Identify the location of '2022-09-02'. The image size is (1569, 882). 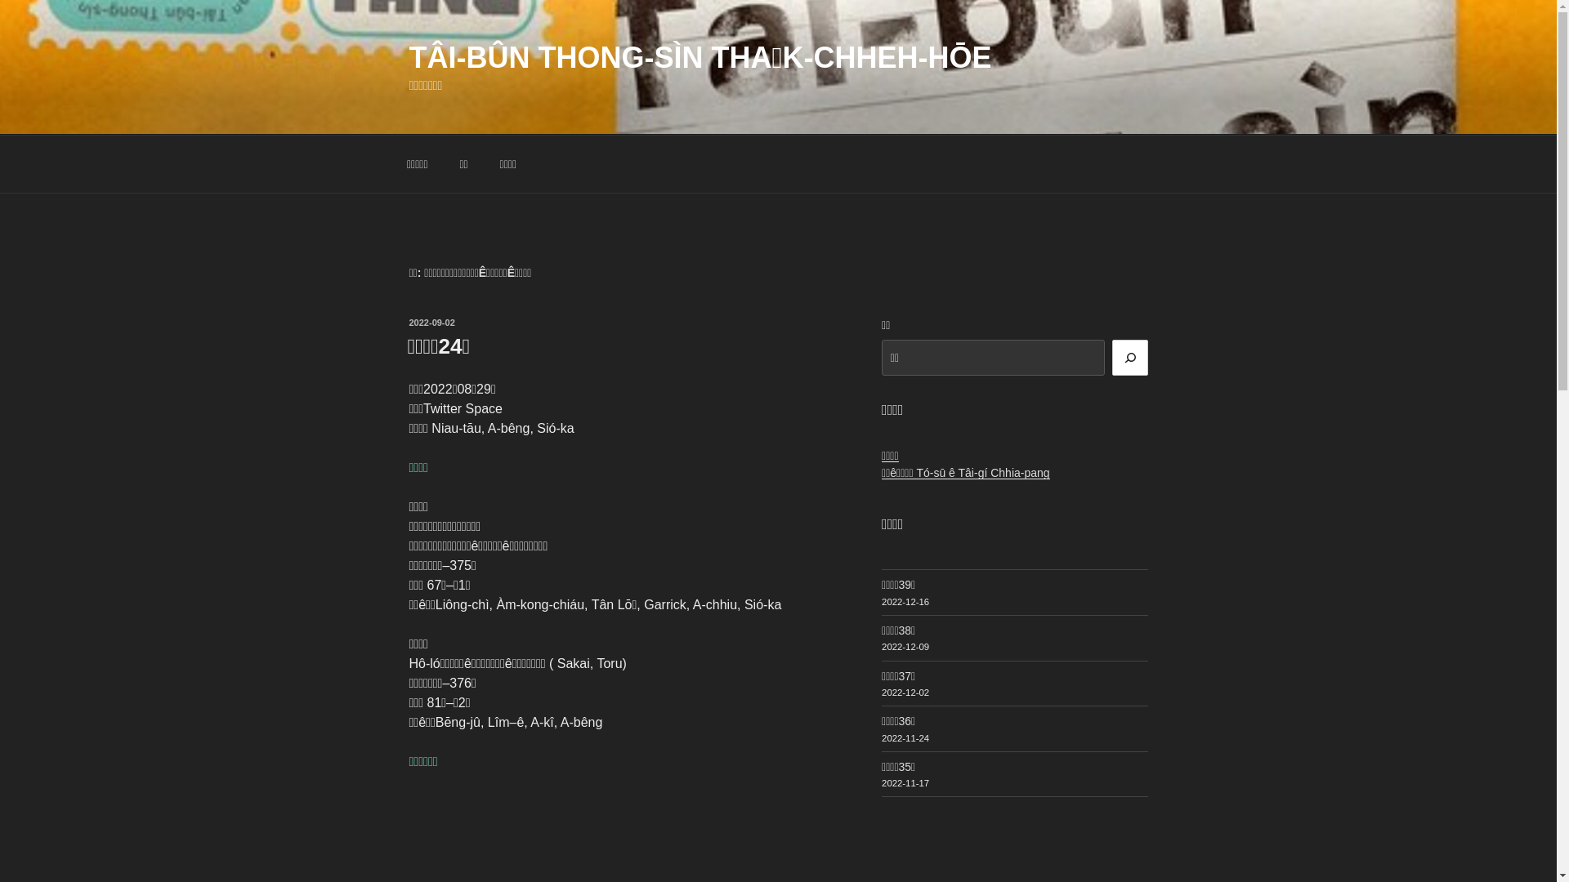
(431, 322).